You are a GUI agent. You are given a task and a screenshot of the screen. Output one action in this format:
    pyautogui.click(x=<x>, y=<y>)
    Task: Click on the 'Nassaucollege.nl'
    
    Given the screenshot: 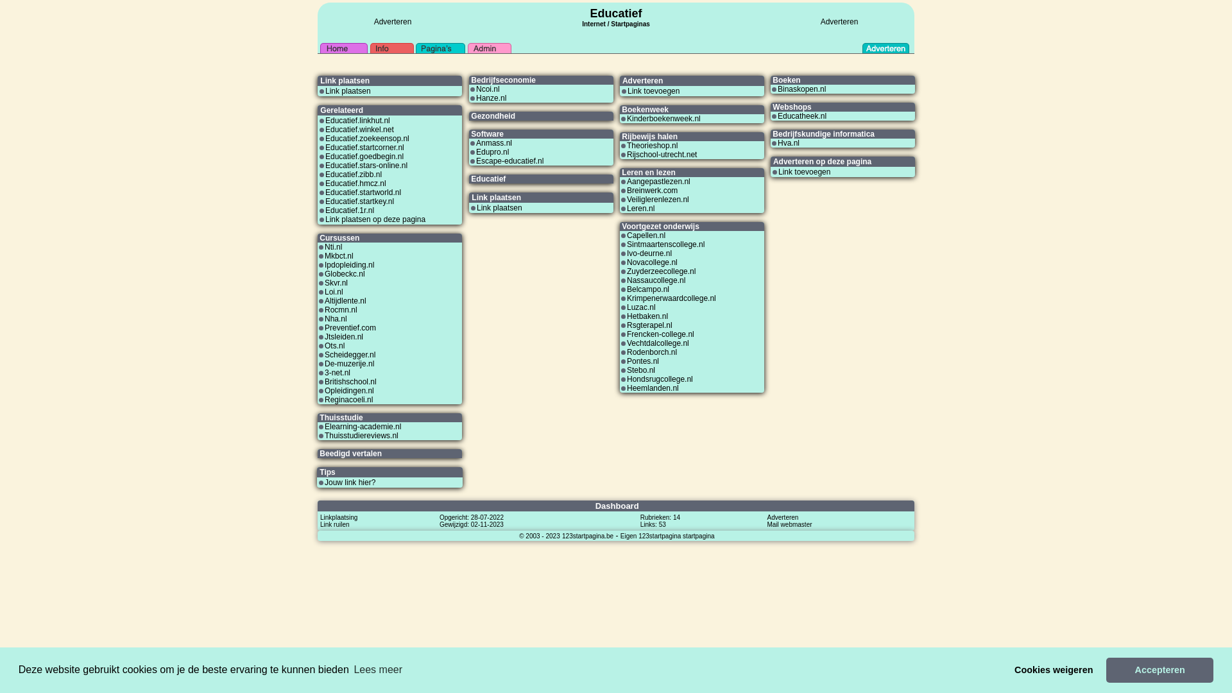 What is the action you would take?
    pyautogui.click(x=656, y=279)
    